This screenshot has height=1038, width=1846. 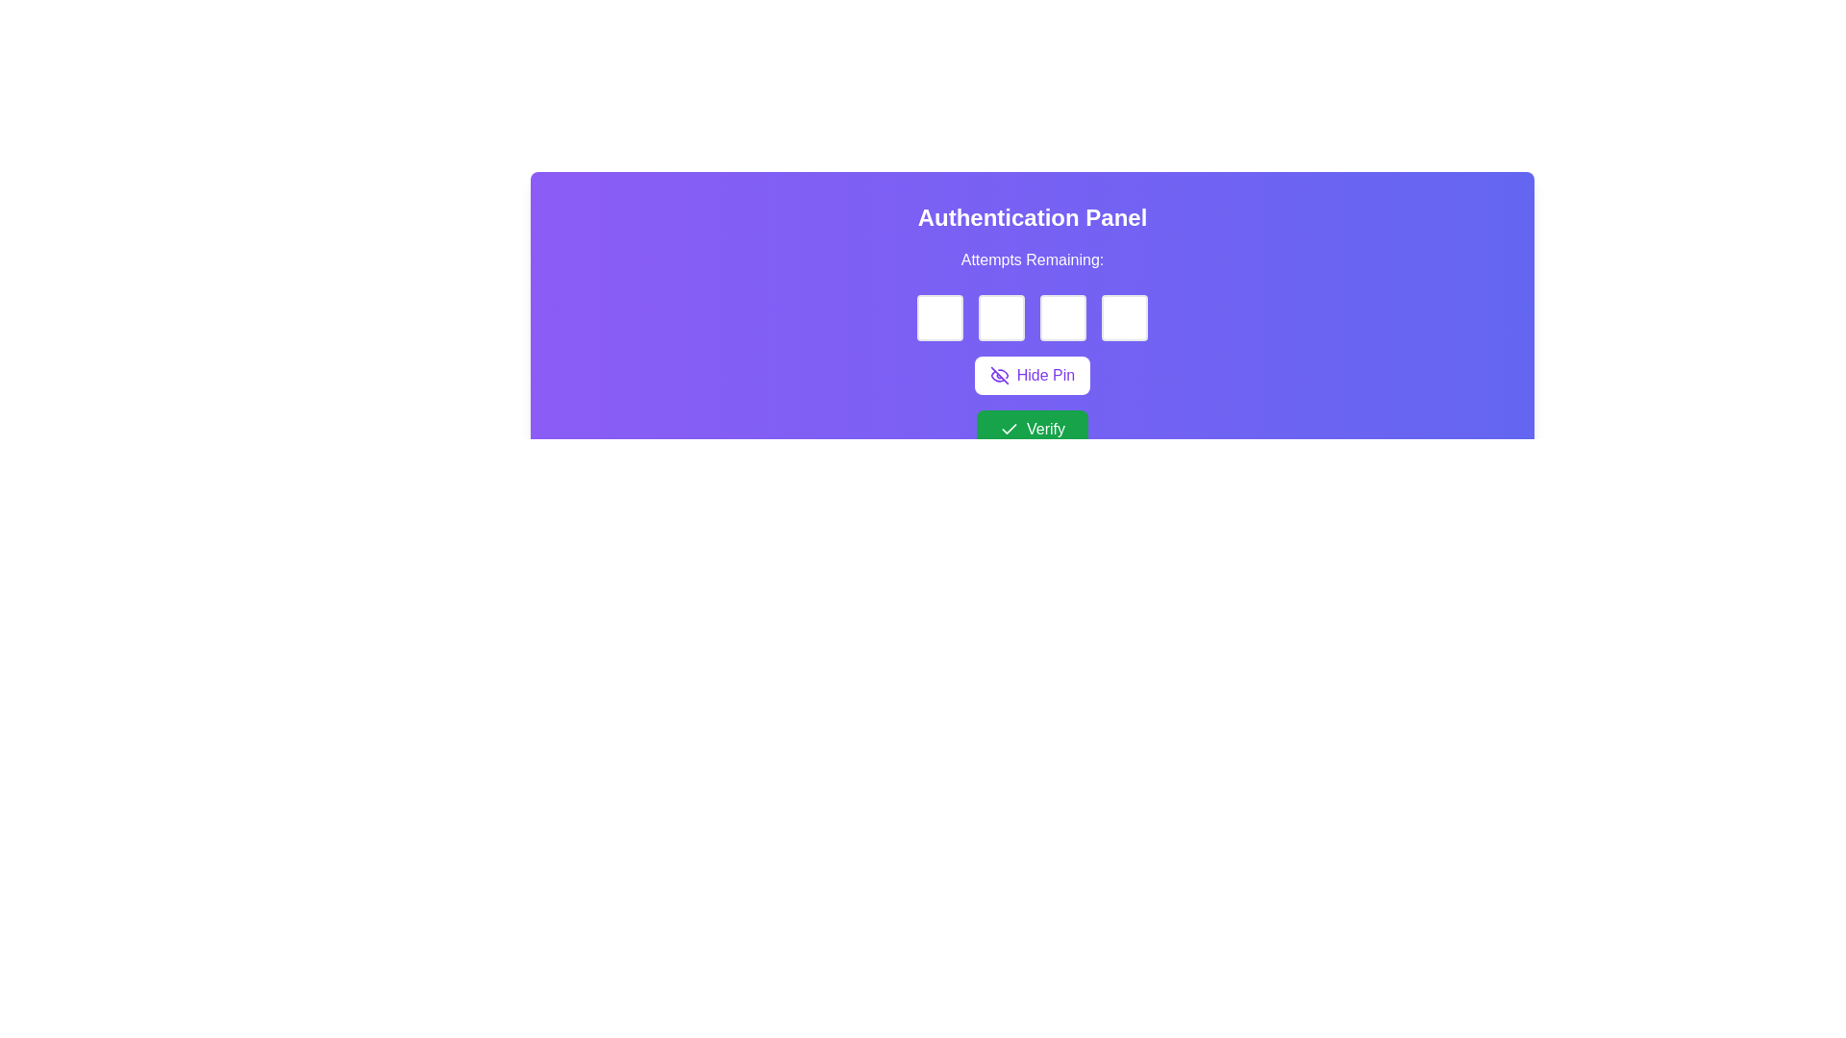 I want to click on the individual text input field for entering a verification code, which is centrally located below the 'Attempts Remaining:' text and above the 'Hide Pin' and 'Verify' buttons, so click(x=1032, y=317).